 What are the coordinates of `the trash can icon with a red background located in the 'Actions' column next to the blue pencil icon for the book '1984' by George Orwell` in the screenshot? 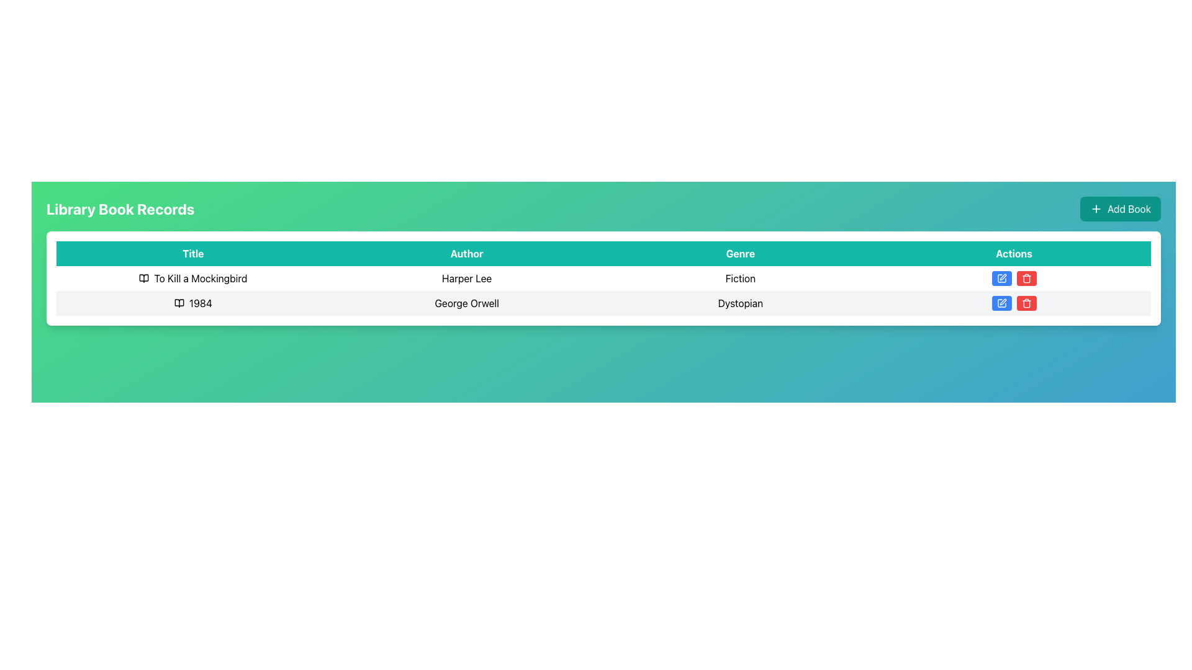 It's located at (1026, 277).